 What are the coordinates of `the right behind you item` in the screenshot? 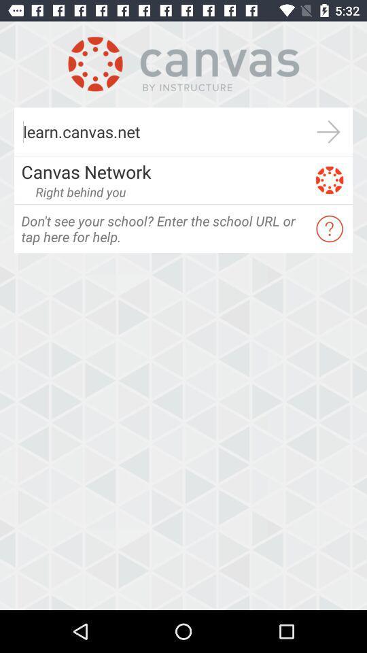 It's located at (80, 191).